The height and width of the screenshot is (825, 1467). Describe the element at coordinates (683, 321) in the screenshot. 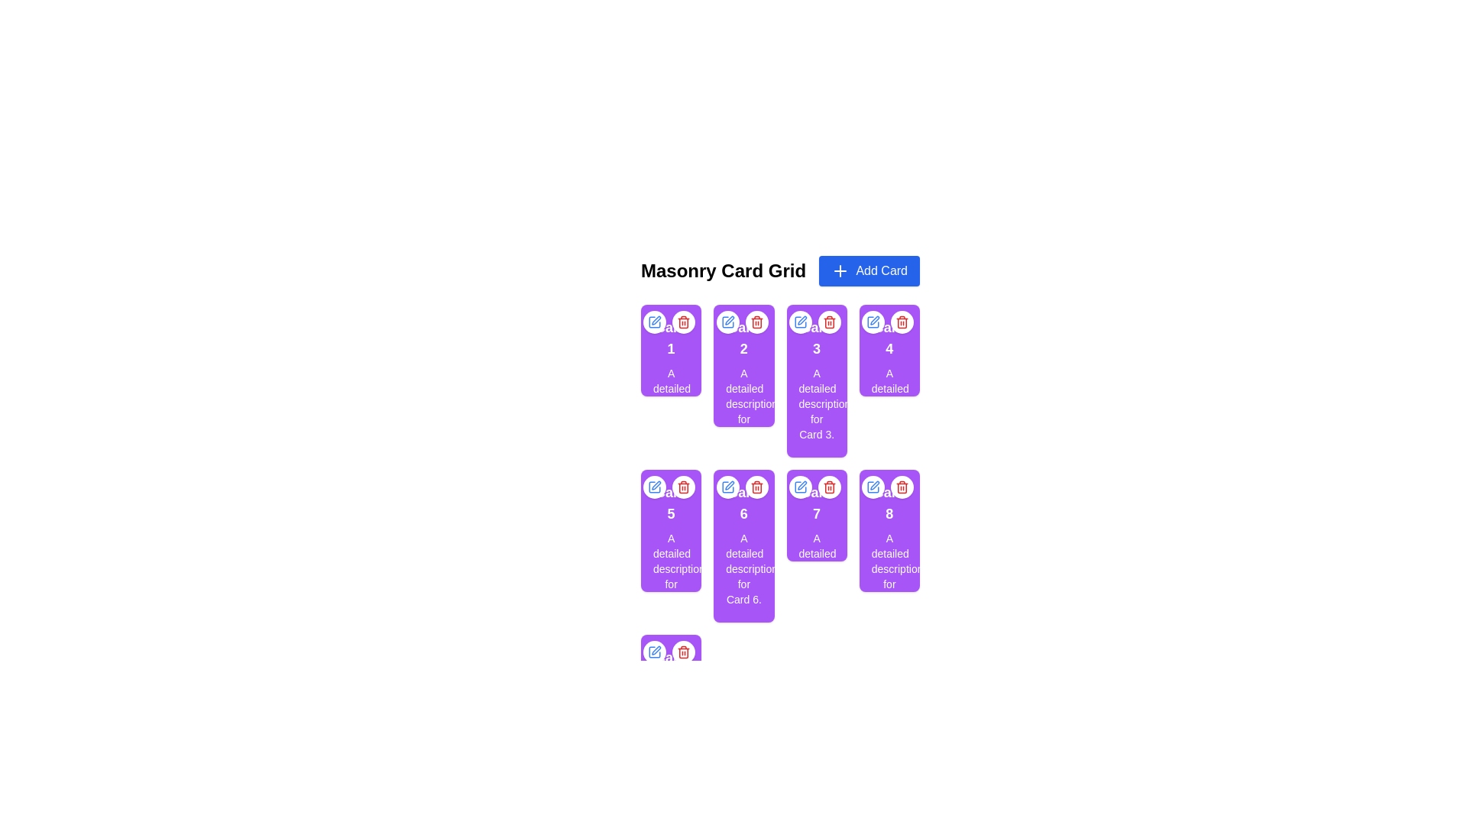

I see `the delete button located at the top-right of the card in the grid layout to observe the hover effect` at that location.